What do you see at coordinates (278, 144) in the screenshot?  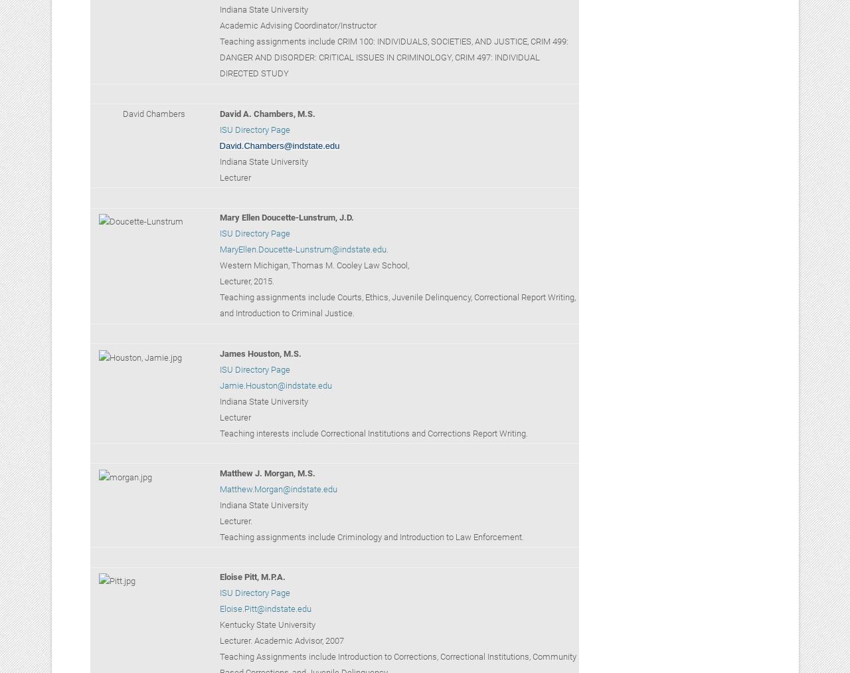 I see `'David.Chambers@indstate.edu'` at bounding box center [278, 144].